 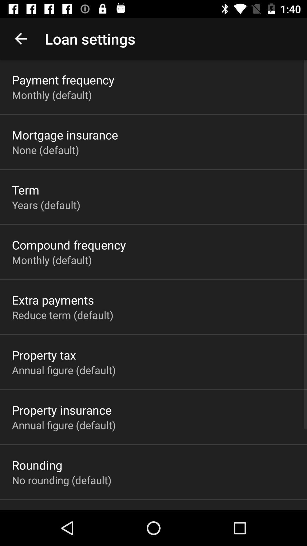 I want to click on app above term icon, so click(x=45, y=150).